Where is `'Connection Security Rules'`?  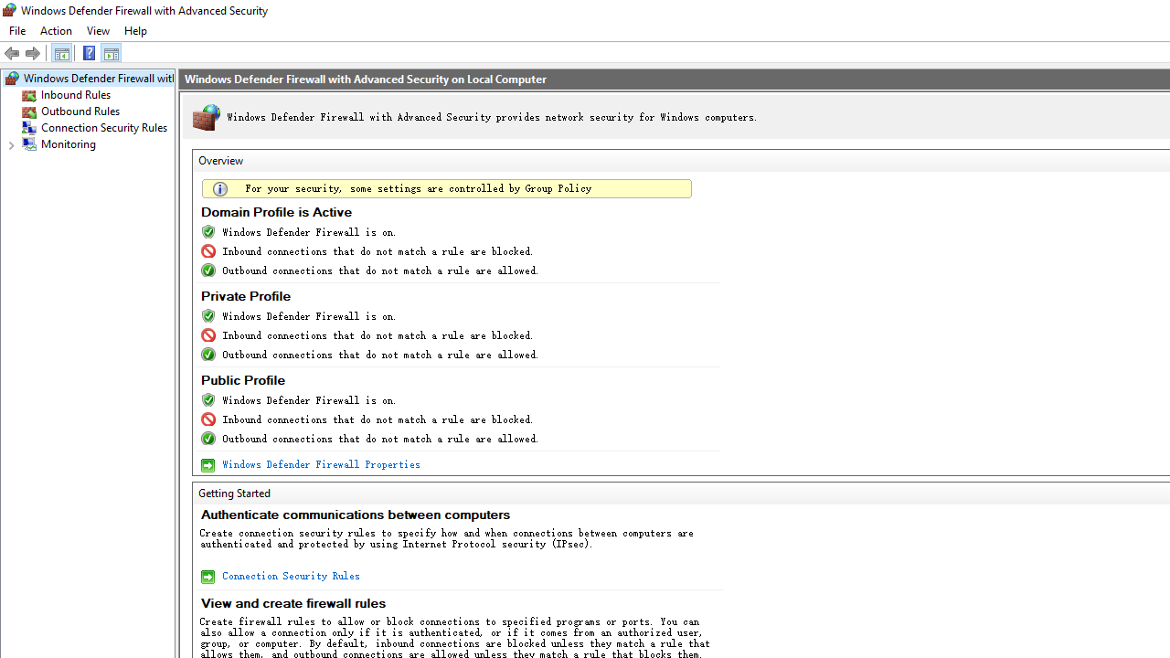
'Connection Security Rules' is located at coordinates (288, 576).